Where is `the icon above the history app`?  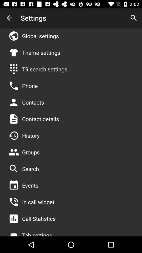 the icon above the history app is located at coordinates (40, 119).